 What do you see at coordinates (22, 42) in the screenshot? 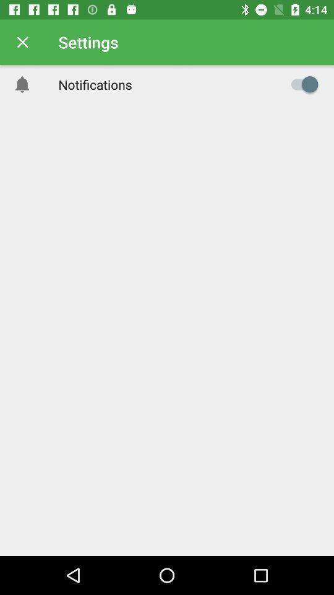
I see `the icon next to settings icon` at bounding box center [22, 42].